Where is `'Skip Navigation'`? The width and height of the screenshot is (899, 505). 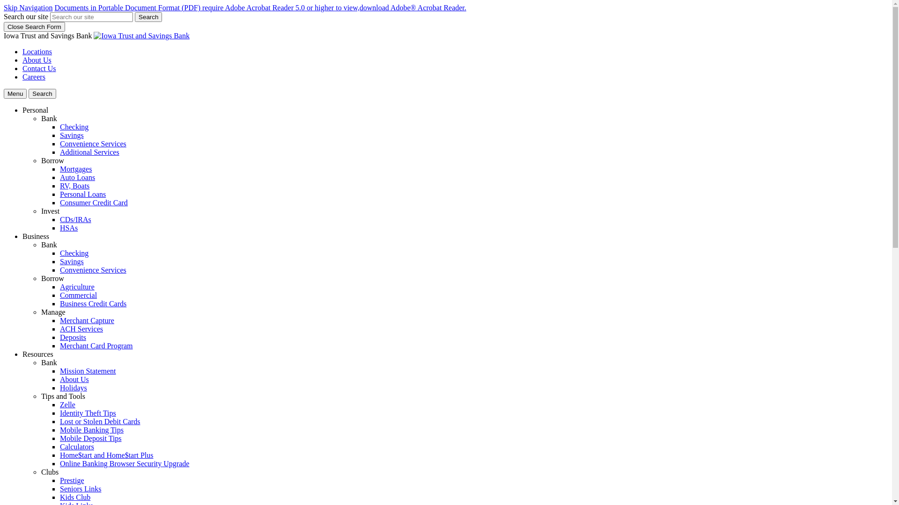 'Skip Navigation' is located at coordinates (28, 7).